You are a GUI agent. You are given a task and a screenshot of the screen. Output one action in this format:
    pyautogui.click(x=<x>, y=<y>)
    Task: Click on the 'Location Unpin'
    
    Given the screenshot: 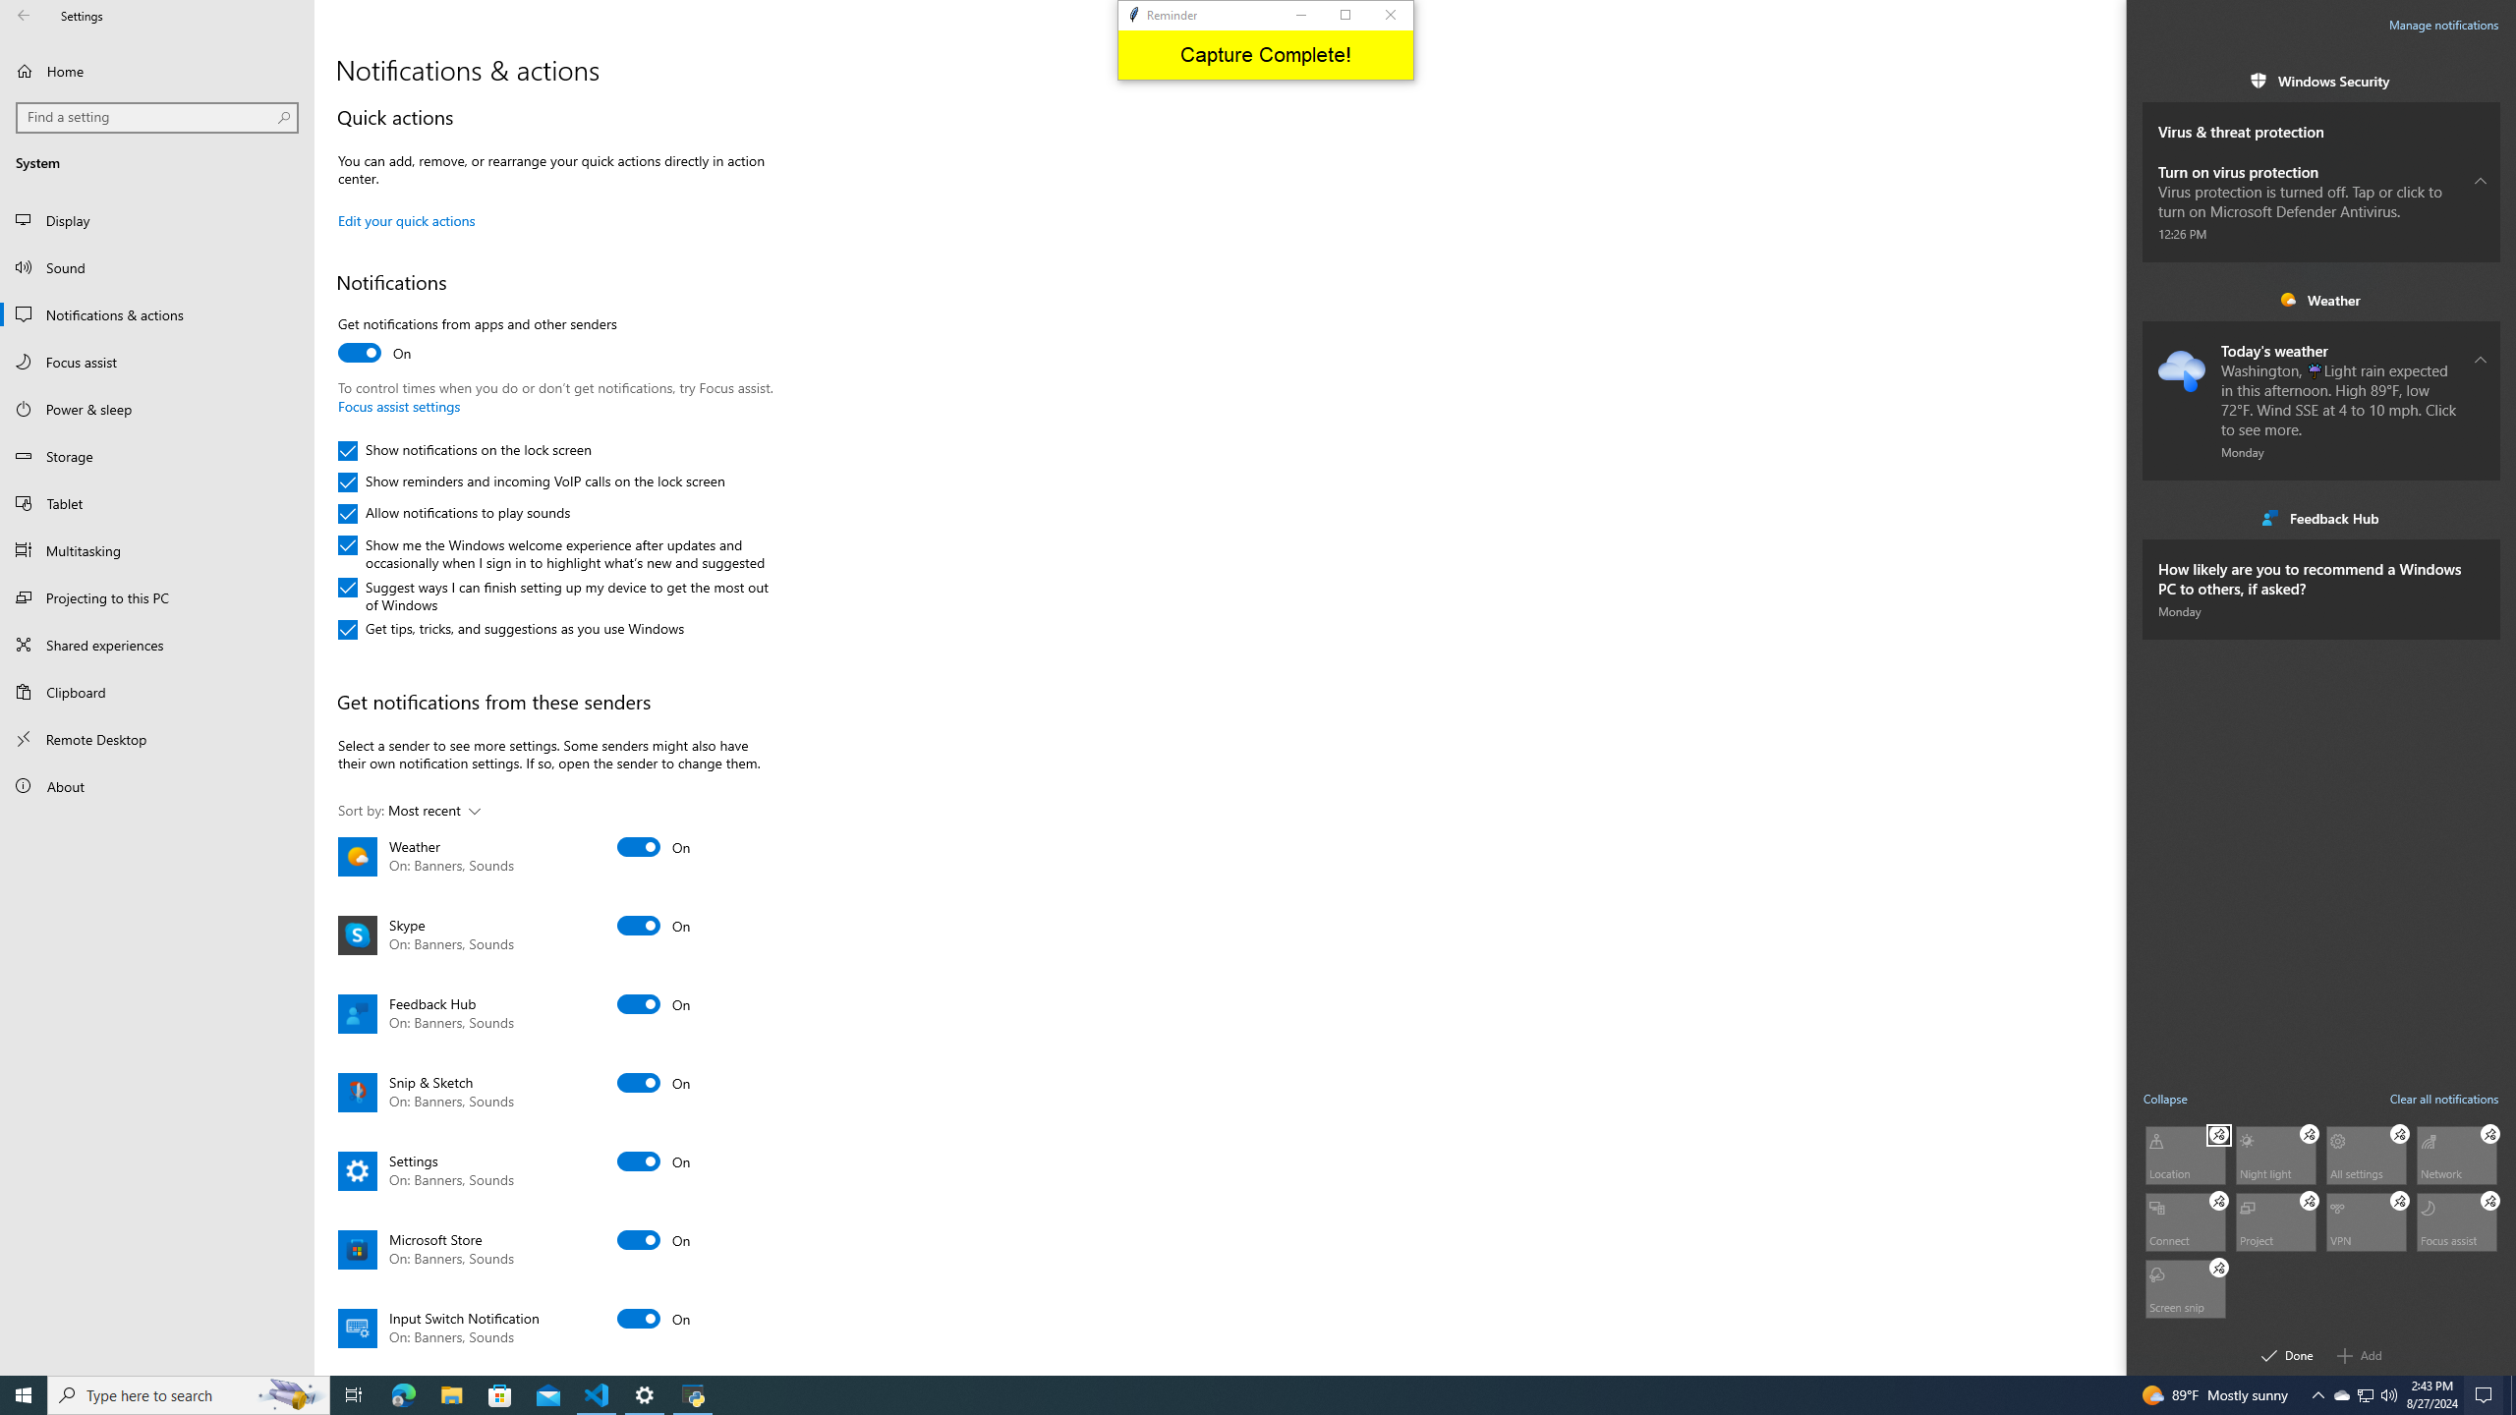 What is the action you would take?
    pyautogui.click(x=2218, y=1132)
    